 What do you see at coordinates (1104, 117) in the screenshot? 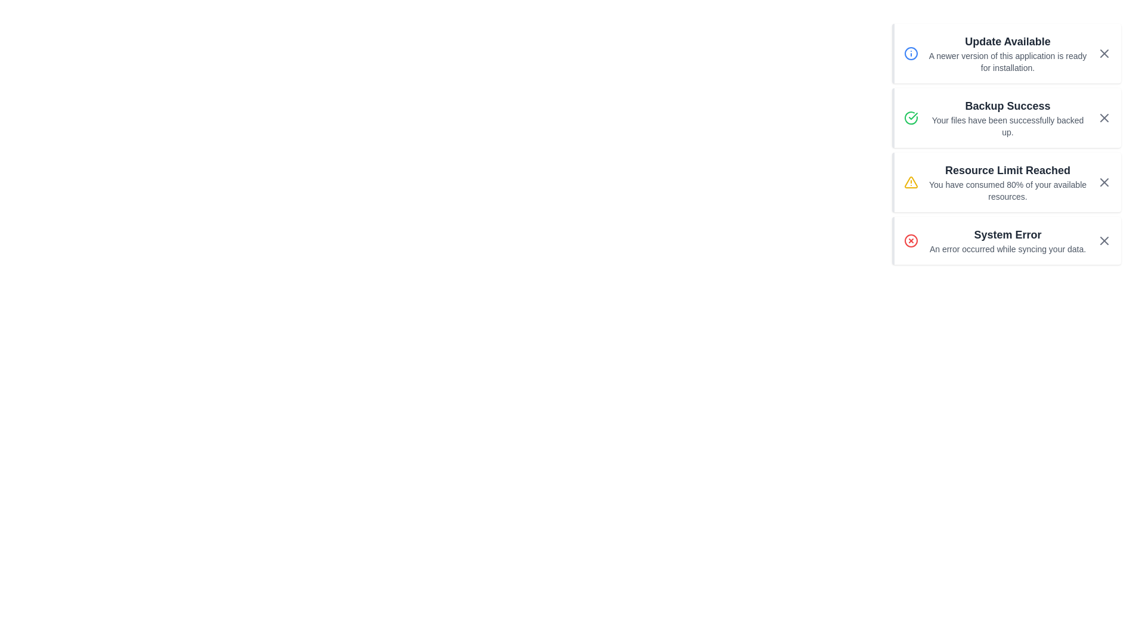
I see `the gray 'X' button located at the far right side of the 'Backup Success' notification card, beside the text 'Your files have been successfully backed up' to change its color to a darker shade` at bounding box center [1104, 117].